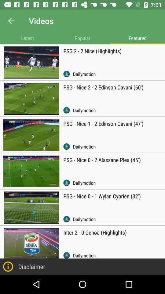 This screenshot has height=294, width=165. I want to click on item to the left of videos icon, so click(11, 21).